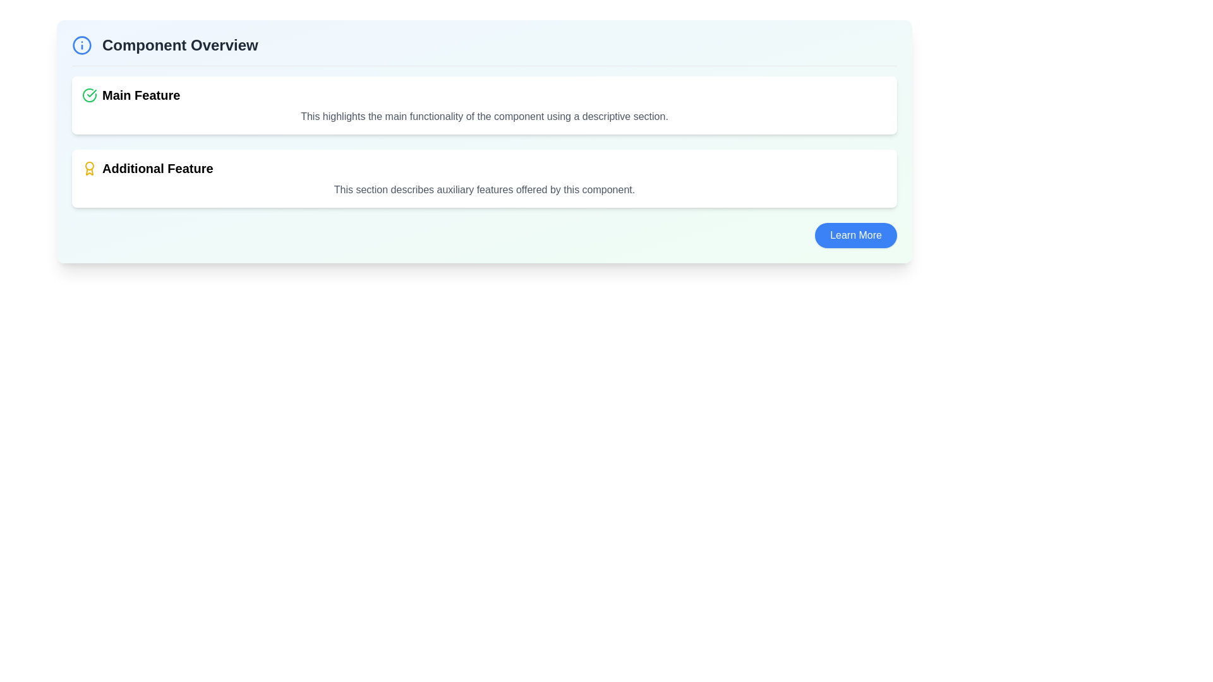  Describe the element at coordinates (856, 236) in the screenshot. I see `the button located in the bottom-right corner of the 'Additional Feature' section` at that location.